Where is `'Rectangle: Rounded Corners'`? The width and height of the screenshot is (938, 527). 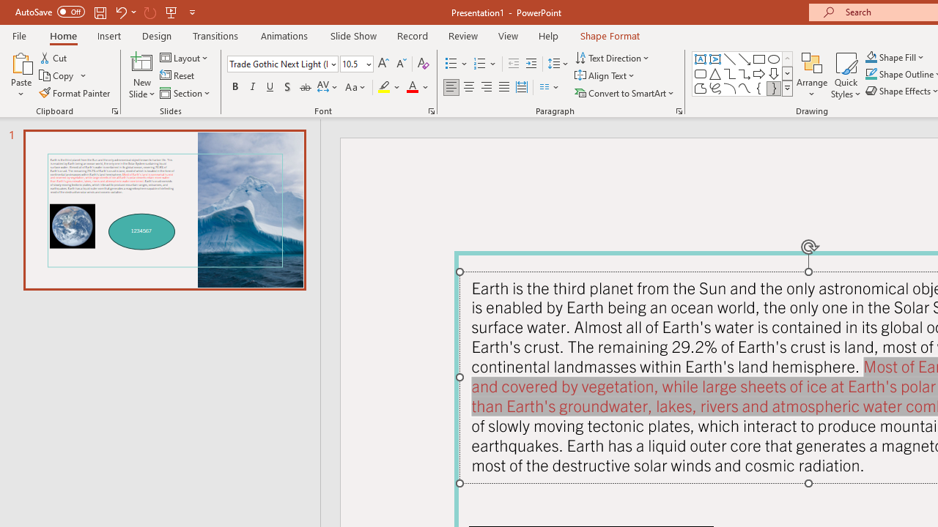 'Rectangle: Rounded Corners' is located at coordinates (700, 73).